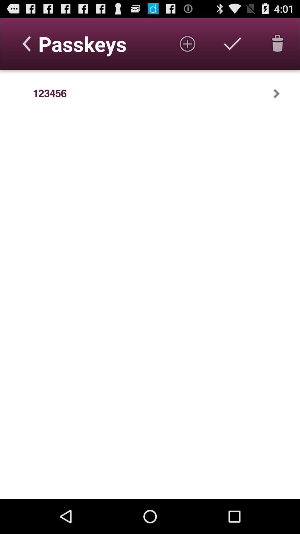 Image resolution: width=300 pixels, height=534 pixels. Describe the element at coordinates (277, 43) in the screenshot. I see `delete passkey` at that location.